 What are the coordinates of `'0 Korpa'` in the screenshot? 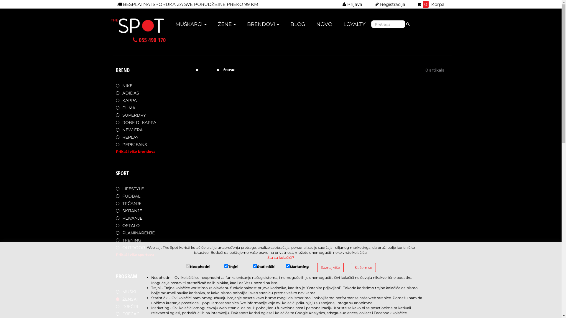 It's located at (430, 4).